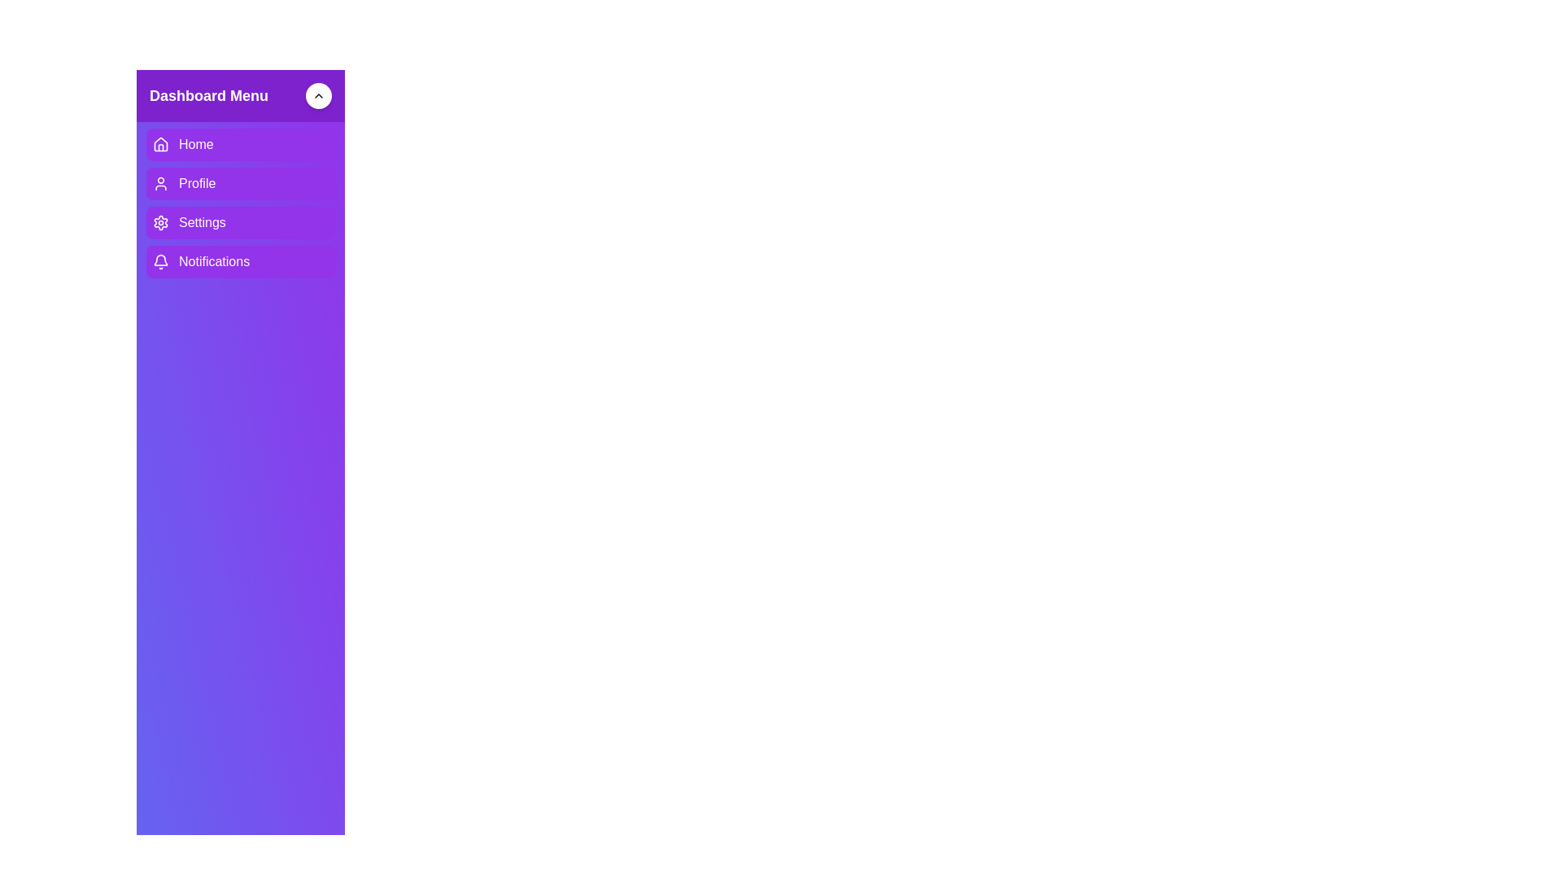 The image size is (1562, 879). What do you see at coordinates (213, 260) in the screenshot?
I see `the 'Notifications' text label, which is styled in white and located at the bottom-most item of a vertical menu list on the left-hand side of the interface, accompanied by an icon to its left` at bounding box center [213, 260].